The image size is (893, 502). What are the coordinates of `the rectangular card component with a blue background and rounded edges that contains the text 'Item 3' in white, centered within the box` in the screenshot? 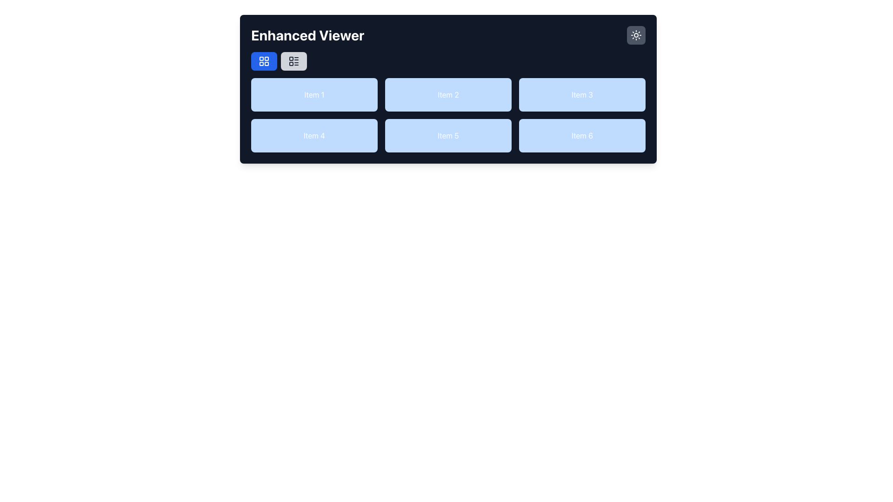 It's located at (582, 95).